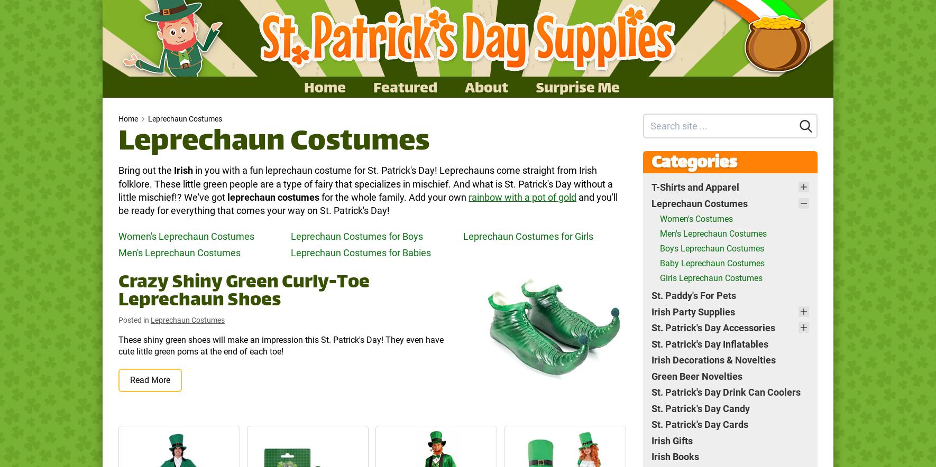 The width and height of the screenshot is (936, 467). I want to click on 'St. Patrick's Day Accessories', so click(713, 328).